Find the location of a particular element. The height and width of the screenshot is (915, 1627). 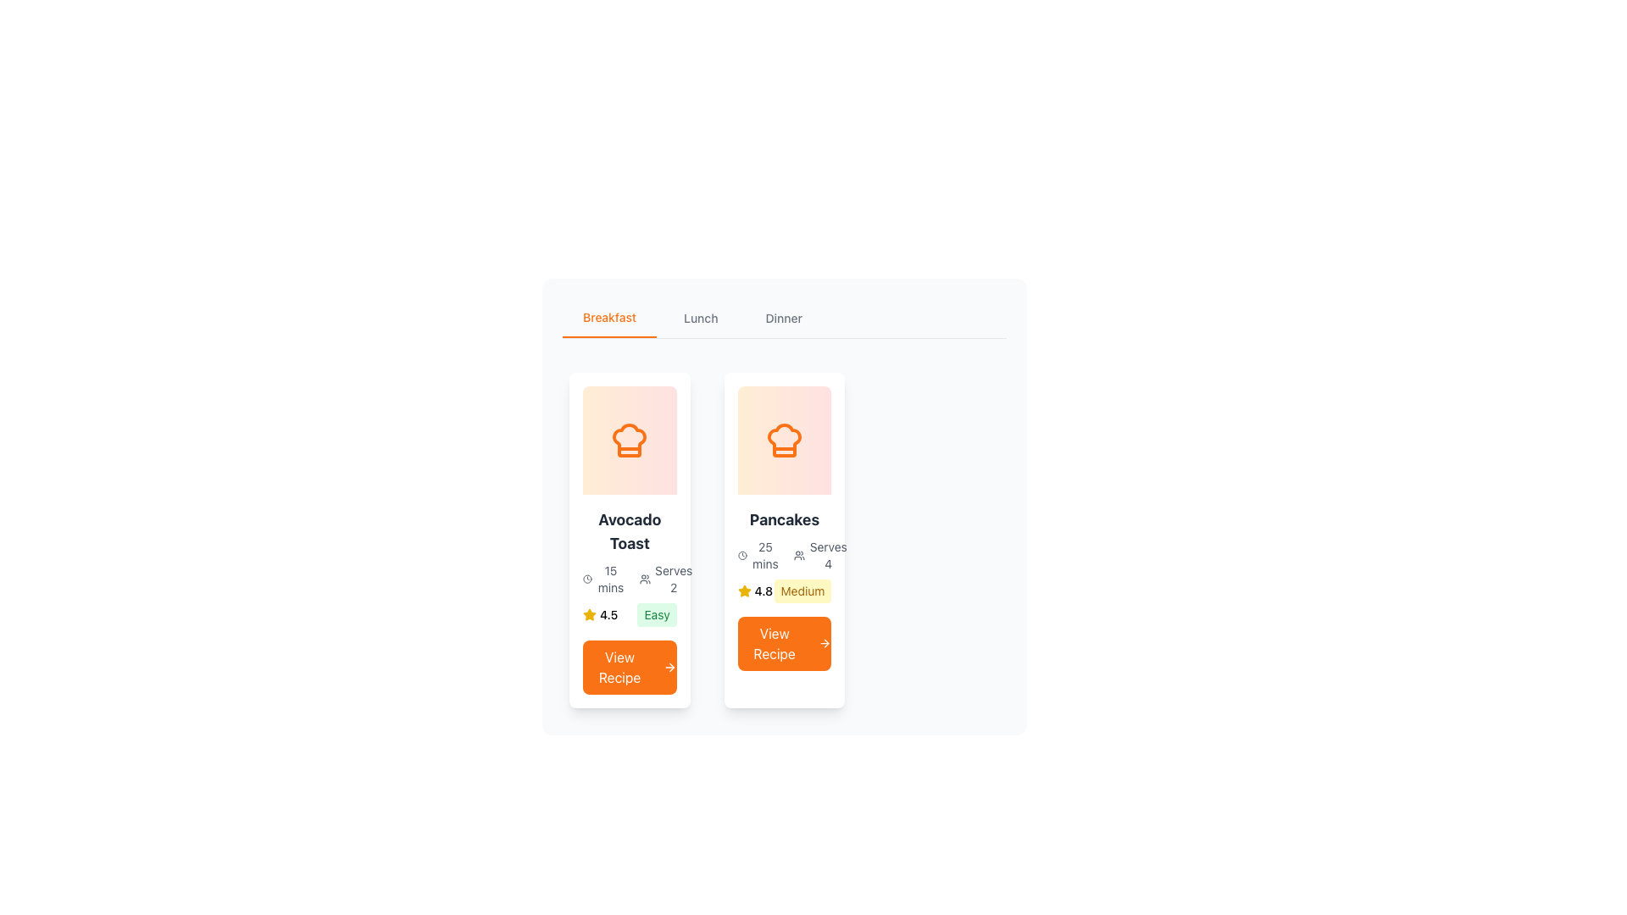

the rating display and difficulty information for the 'Avocado Toast' card, which includes a gold star icon, the text '4.5' in bold, and the label 'Easy' with a green background is located at coordinates (629, 614).